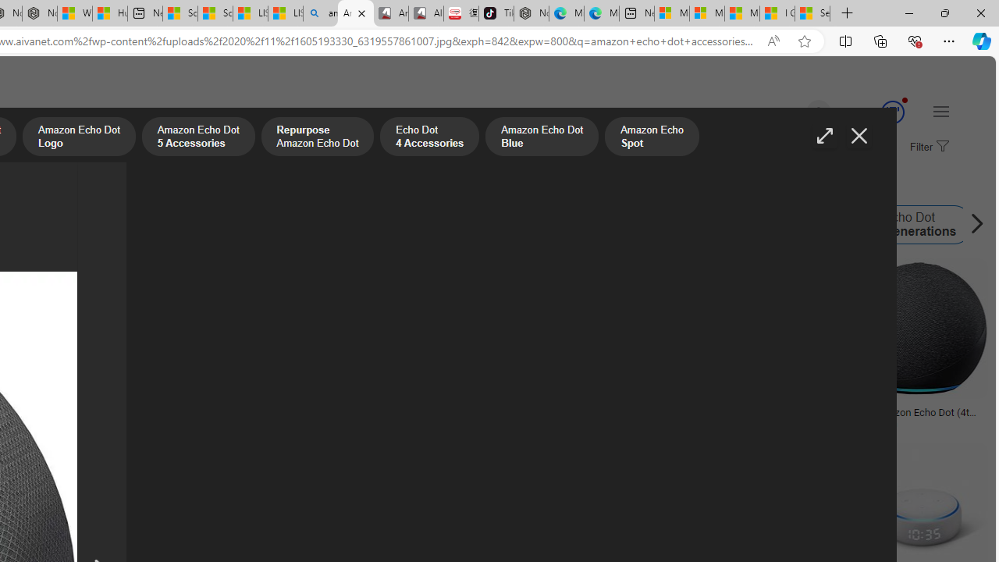 The image size is (999, 562). I want to click on 'Class: medal-svg-animation', so click(892, 112).